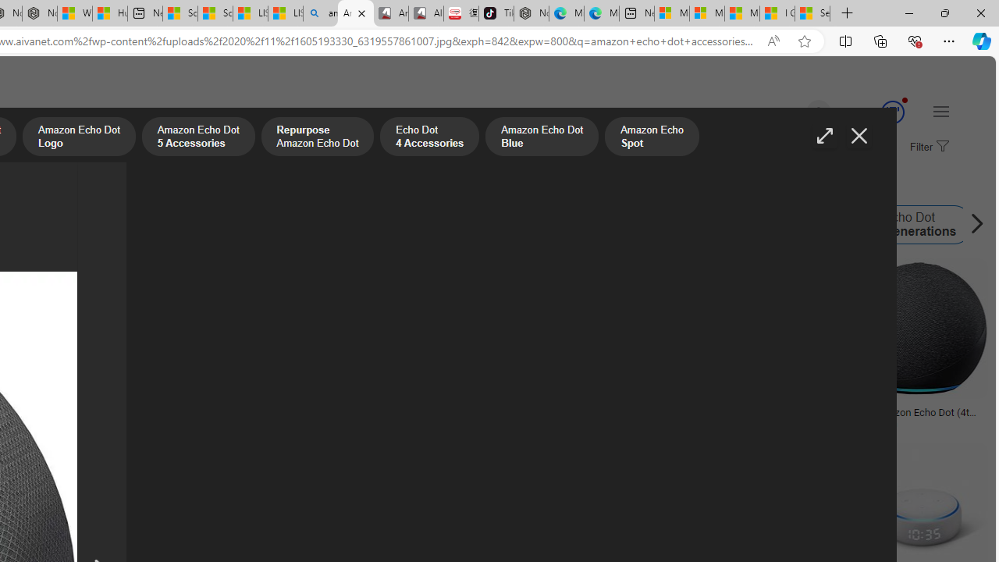 The image size is (999, 562). I want to click on 'Class: medal-svg-animation', so click(892, 112).